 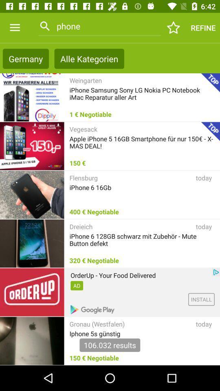 What do you see at coordinates (201, 299) in the screenshot?
I see `the install` at bounding box center [201, 299].